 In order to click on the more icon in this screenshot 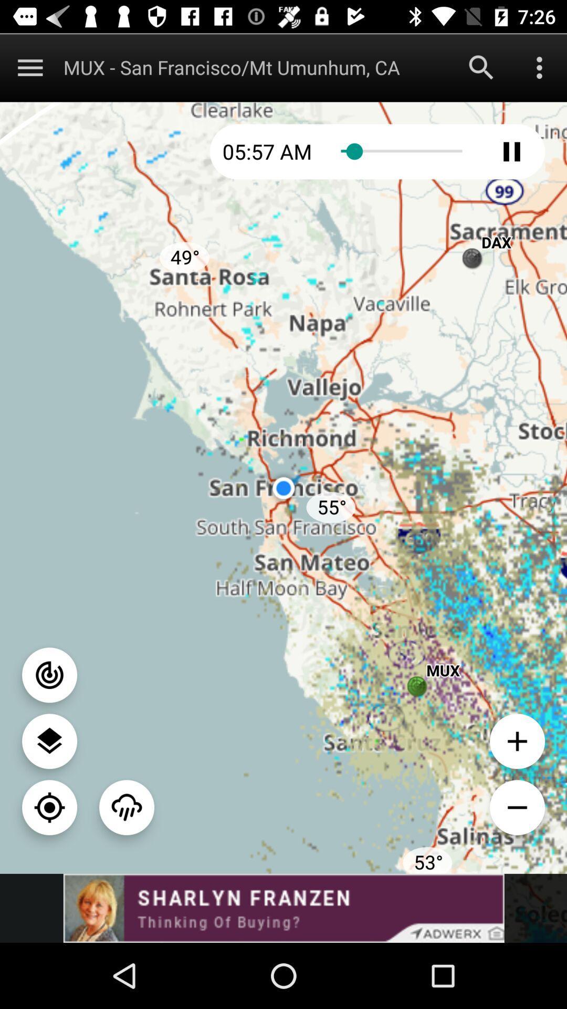, I will do `click(539, 67)`.